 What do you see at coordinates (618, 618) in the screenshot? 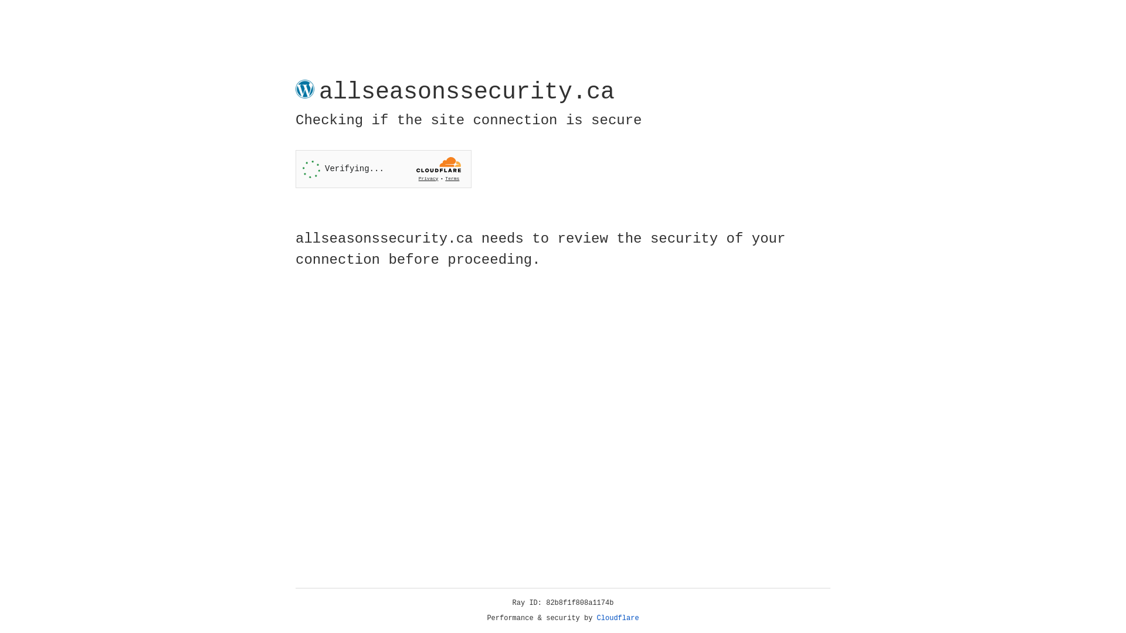
I see `'Cloudflare'` at bounding box center [618, 618].